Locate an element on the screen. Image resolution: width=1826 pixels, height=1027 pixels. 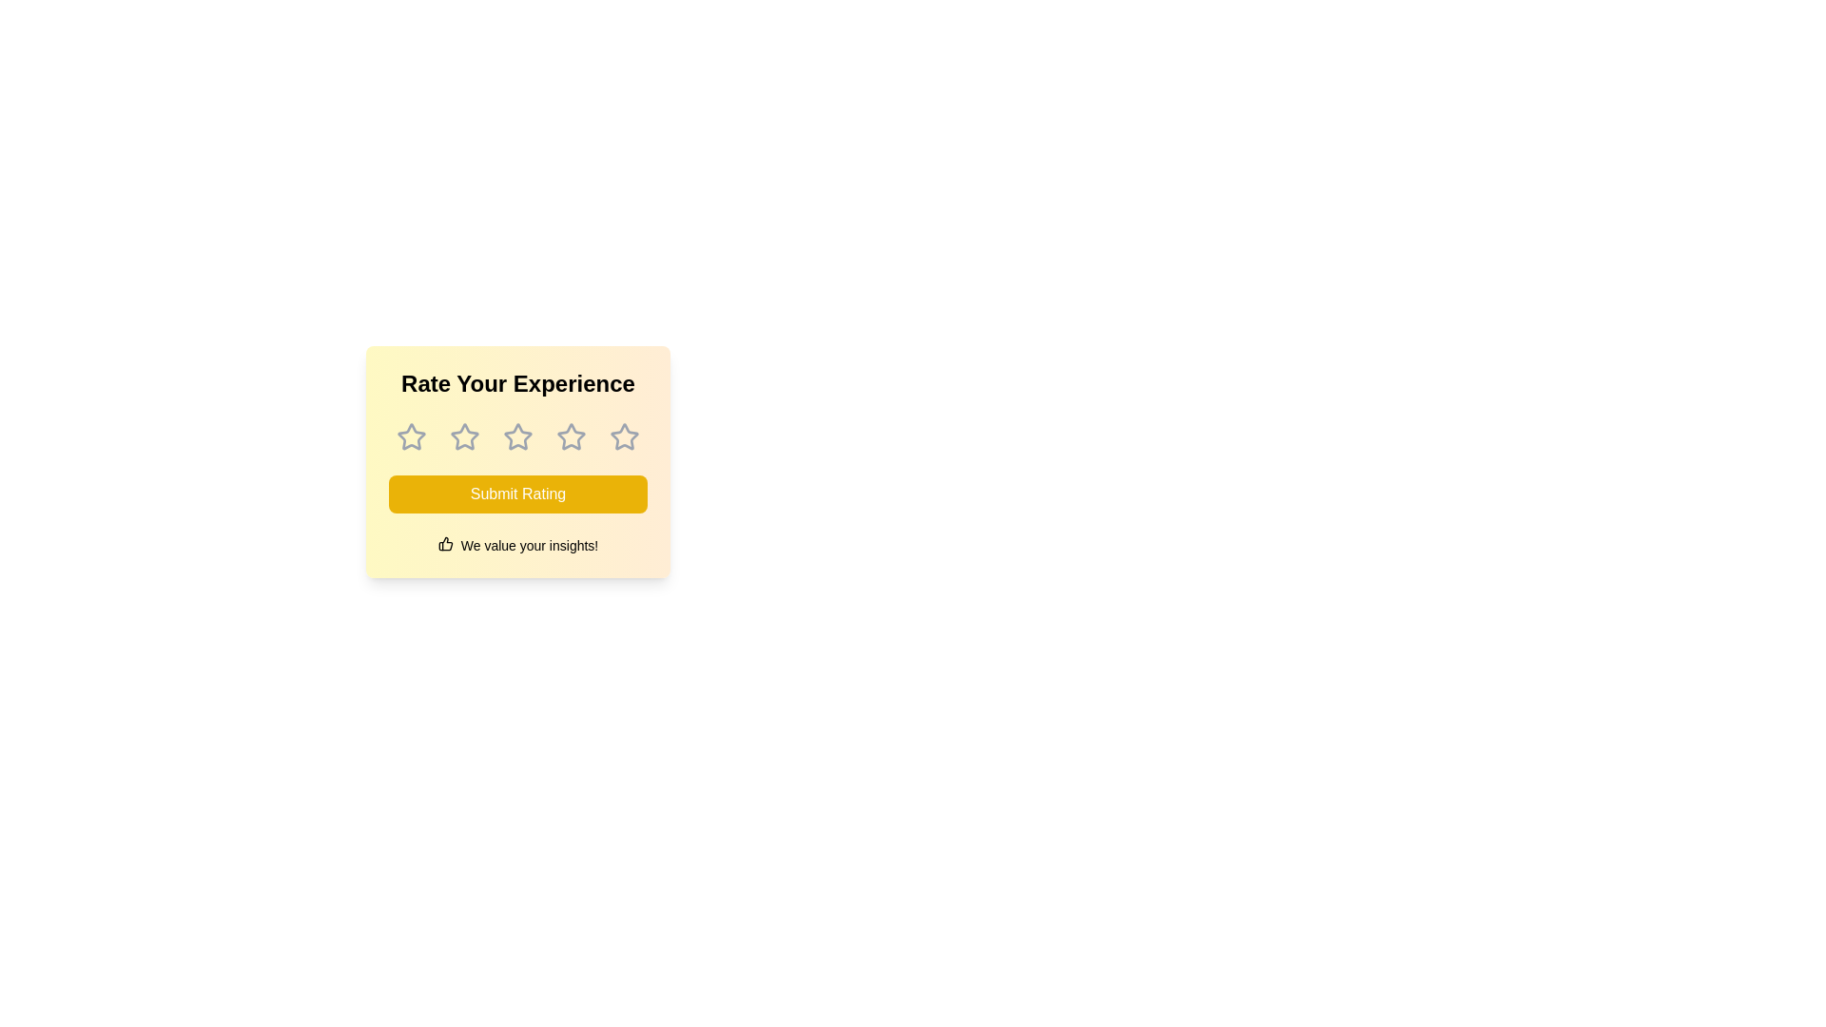
the bright yellow 'Submit Rating' button with rounded corners is located at coordinates (518, 494).